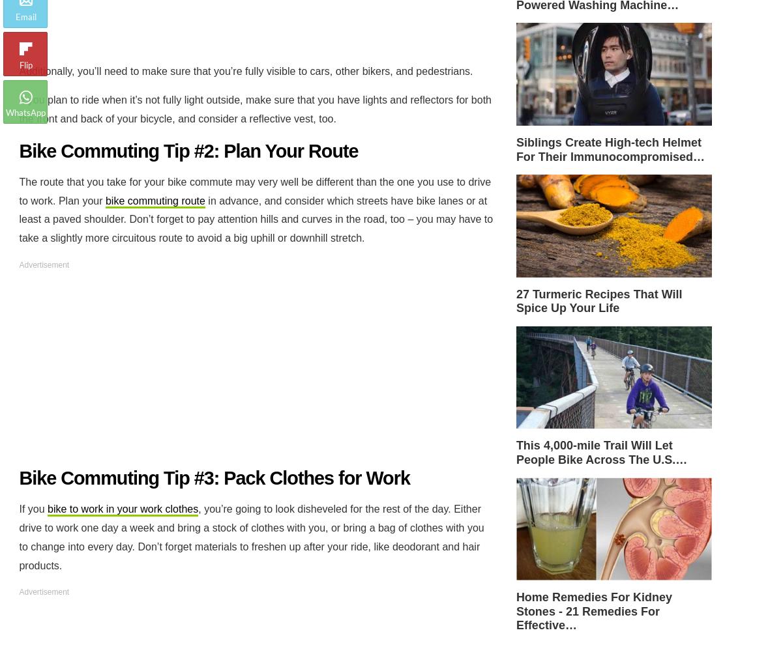 This screenshot has height=654, width=768. What do you see at coordinates (18, 537) in the screenshot?
I see `', you’re going to look disheveled for the rest of the day. Either drive to work one day a week and bring a stock of clothes with you, or bring a bag of clothes with you to change into every day. Don’t forget materials to freshen up after your ride, like deodorant and hair products.'` at bounding box center [18, 537].